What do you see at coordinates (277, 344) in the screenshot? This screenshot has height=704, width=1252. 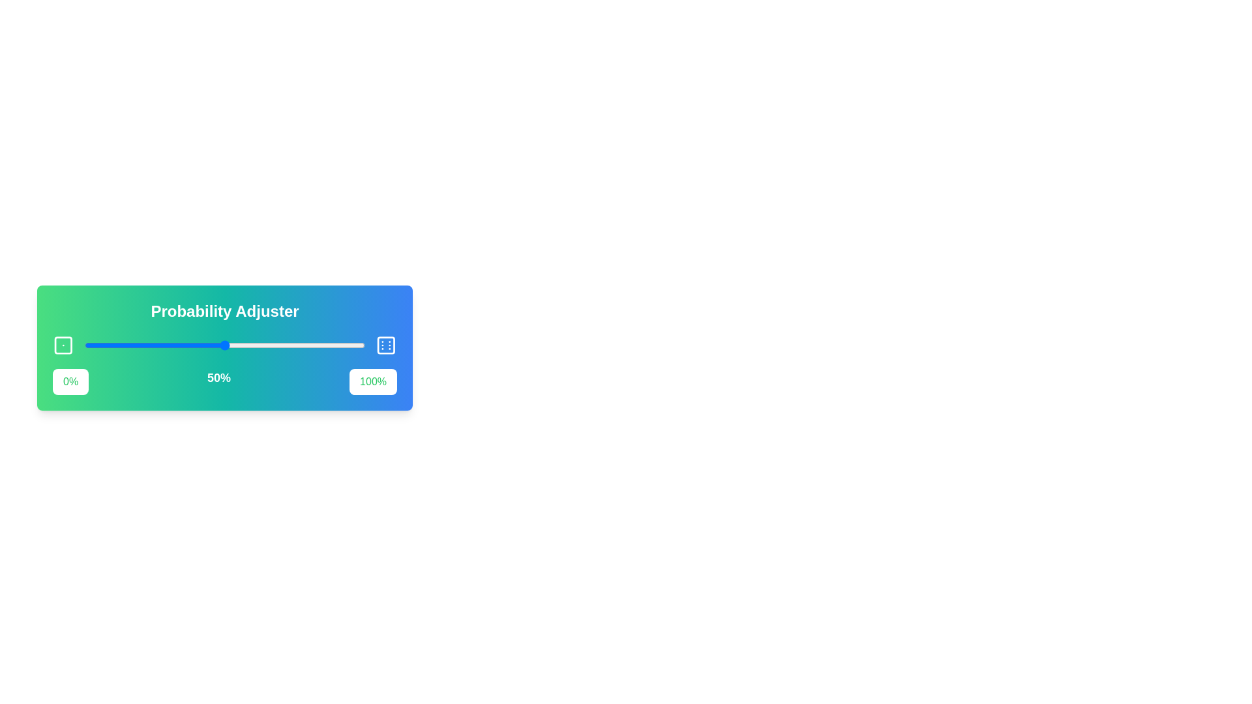 I see `the slider to set the probability to 69%` at bounding box center [277, 344].